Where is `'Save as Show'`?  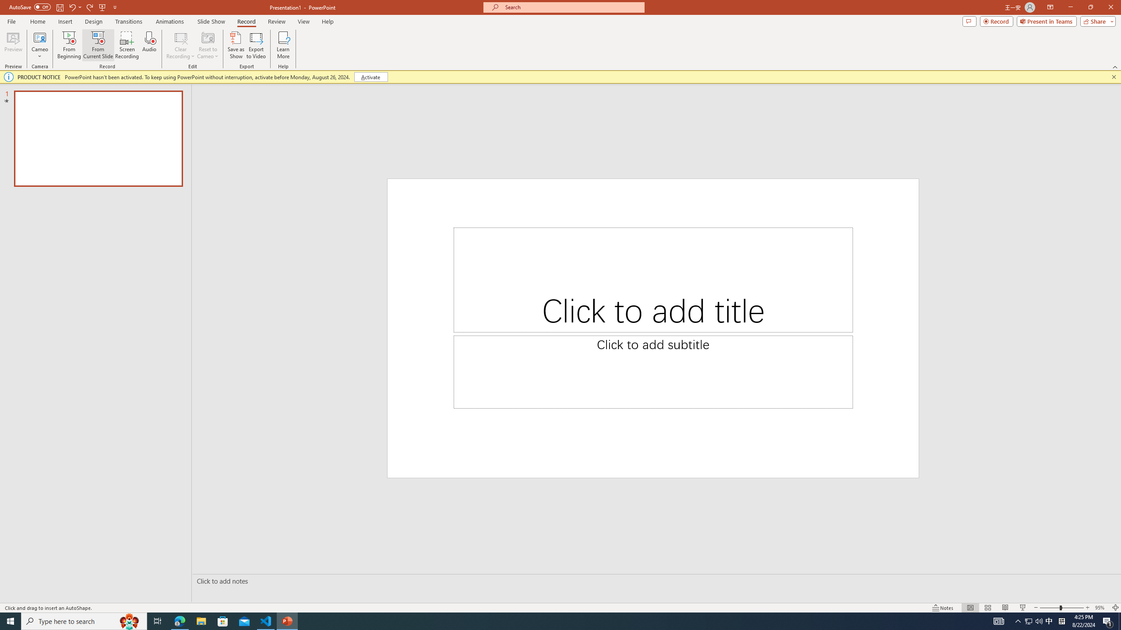 'Save as Show' is located at coordinates (236, 45).